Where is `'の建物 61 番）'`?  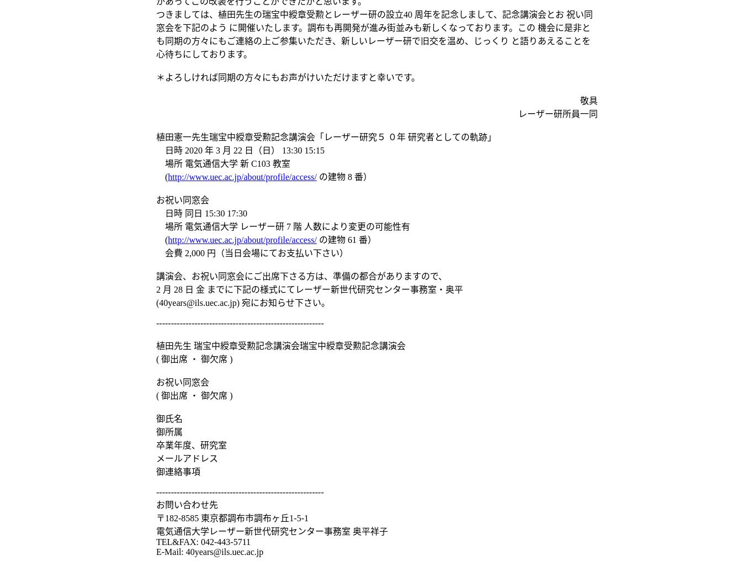
'の建物 61 番）' is located at coordinates (345, 239).